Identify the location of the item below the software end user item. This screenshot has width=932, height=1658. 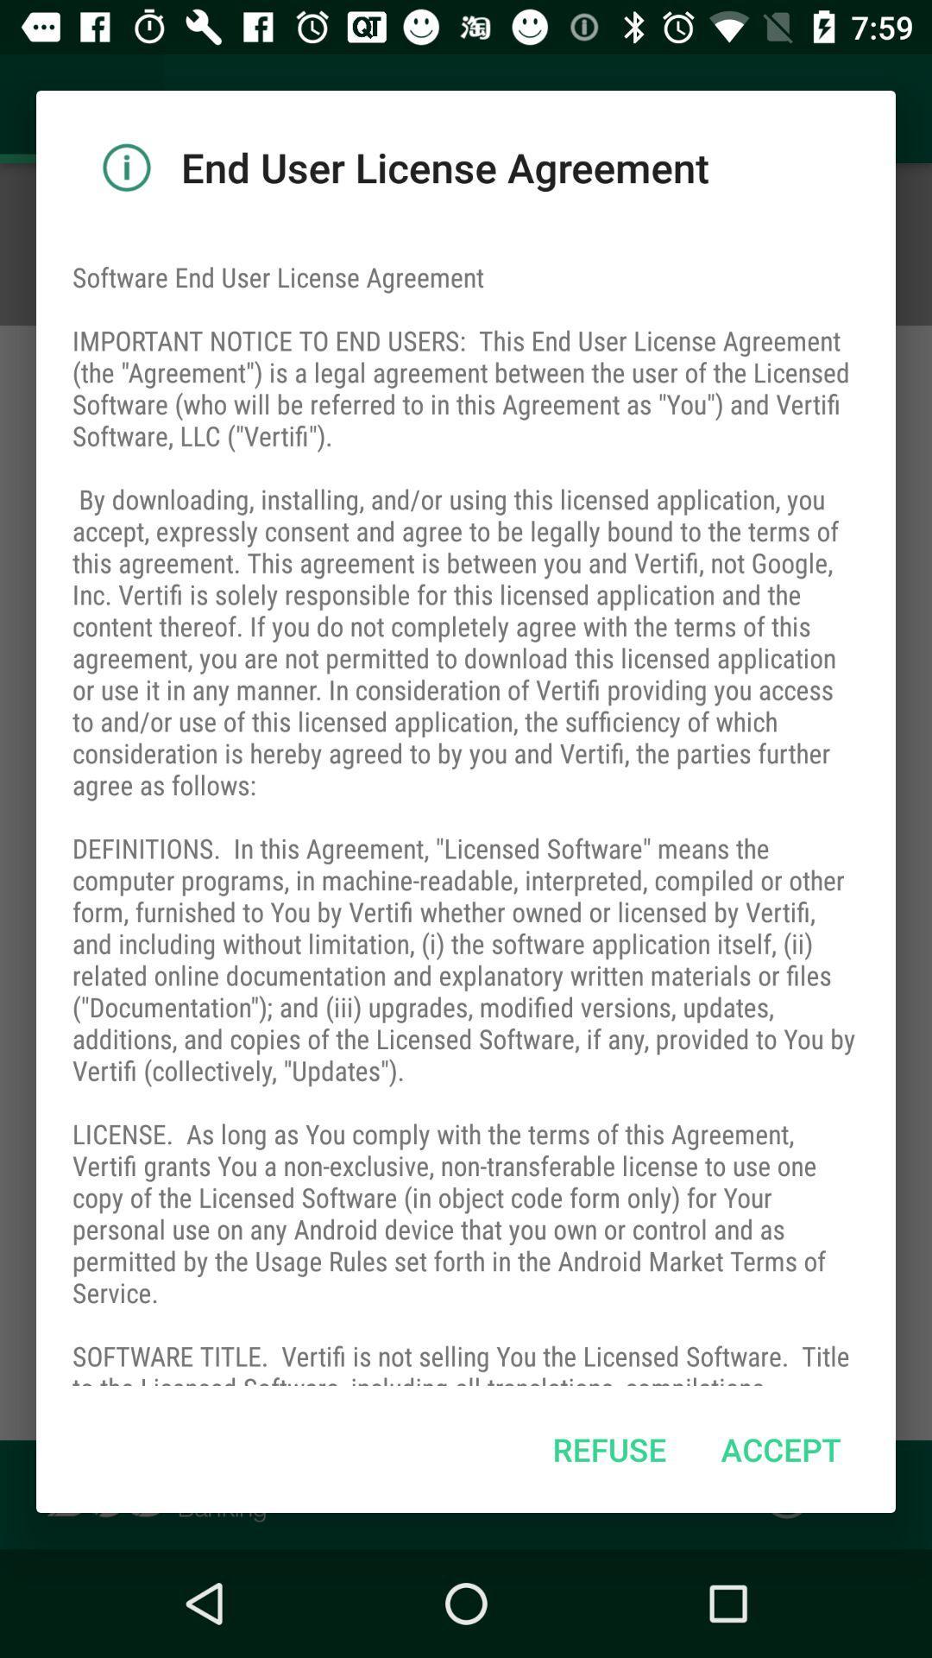
(781, 1449).